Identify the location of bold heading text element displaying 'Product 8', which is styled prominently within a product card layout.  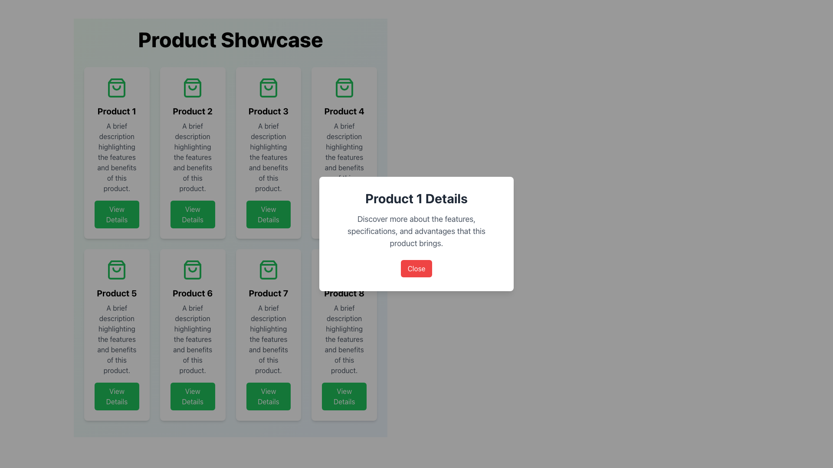
(344, 293).